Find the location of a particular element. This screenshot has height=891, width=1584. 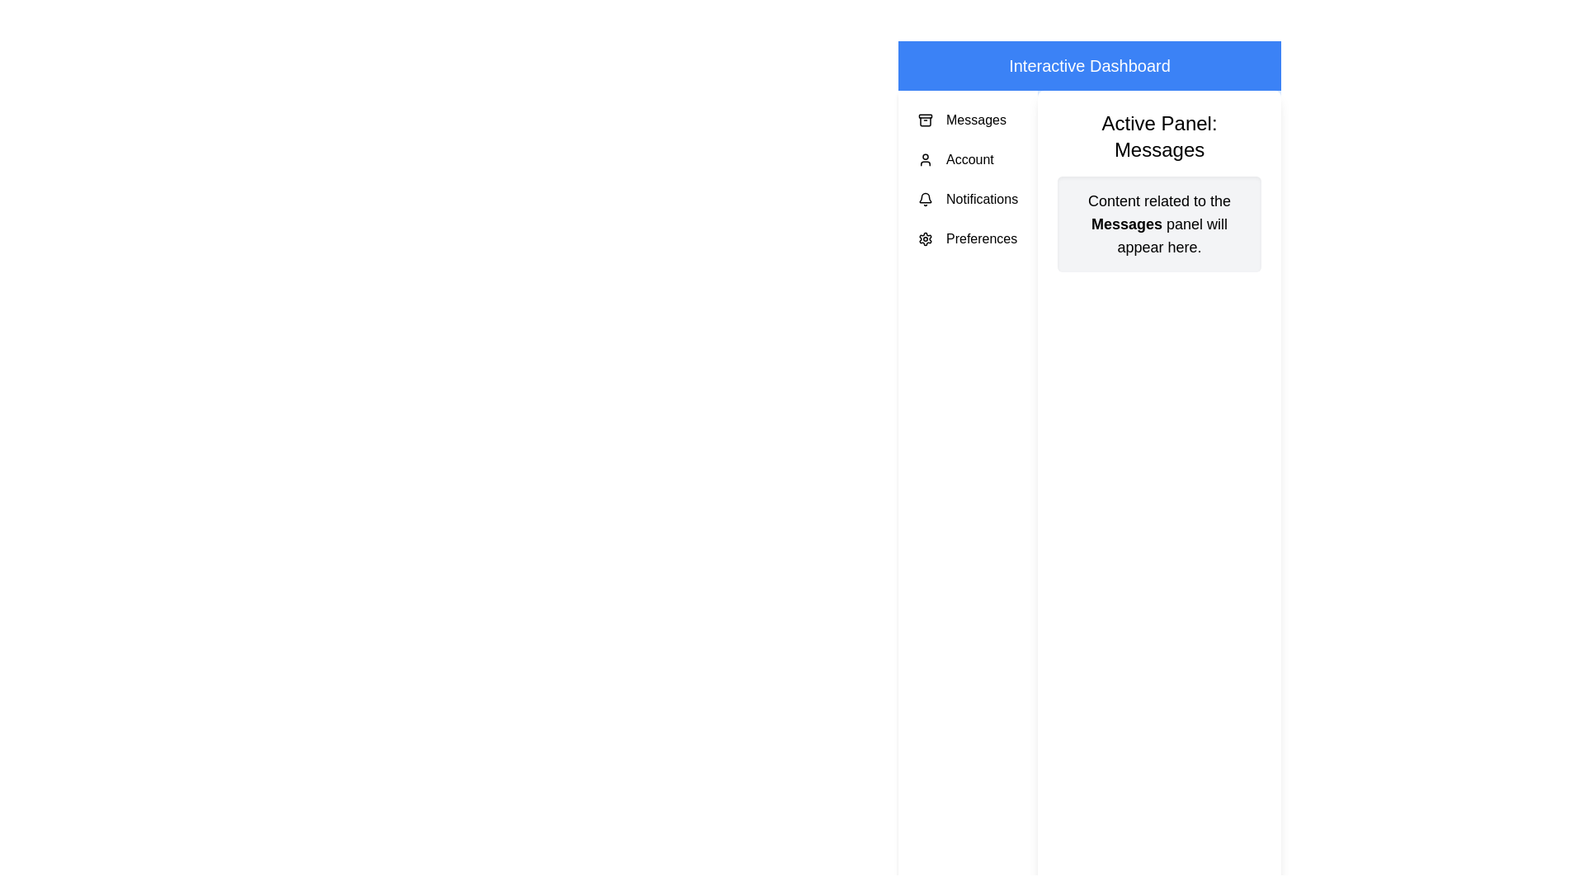

the panel labeled Messages in the sidebar is located at coordinates (968, 120).